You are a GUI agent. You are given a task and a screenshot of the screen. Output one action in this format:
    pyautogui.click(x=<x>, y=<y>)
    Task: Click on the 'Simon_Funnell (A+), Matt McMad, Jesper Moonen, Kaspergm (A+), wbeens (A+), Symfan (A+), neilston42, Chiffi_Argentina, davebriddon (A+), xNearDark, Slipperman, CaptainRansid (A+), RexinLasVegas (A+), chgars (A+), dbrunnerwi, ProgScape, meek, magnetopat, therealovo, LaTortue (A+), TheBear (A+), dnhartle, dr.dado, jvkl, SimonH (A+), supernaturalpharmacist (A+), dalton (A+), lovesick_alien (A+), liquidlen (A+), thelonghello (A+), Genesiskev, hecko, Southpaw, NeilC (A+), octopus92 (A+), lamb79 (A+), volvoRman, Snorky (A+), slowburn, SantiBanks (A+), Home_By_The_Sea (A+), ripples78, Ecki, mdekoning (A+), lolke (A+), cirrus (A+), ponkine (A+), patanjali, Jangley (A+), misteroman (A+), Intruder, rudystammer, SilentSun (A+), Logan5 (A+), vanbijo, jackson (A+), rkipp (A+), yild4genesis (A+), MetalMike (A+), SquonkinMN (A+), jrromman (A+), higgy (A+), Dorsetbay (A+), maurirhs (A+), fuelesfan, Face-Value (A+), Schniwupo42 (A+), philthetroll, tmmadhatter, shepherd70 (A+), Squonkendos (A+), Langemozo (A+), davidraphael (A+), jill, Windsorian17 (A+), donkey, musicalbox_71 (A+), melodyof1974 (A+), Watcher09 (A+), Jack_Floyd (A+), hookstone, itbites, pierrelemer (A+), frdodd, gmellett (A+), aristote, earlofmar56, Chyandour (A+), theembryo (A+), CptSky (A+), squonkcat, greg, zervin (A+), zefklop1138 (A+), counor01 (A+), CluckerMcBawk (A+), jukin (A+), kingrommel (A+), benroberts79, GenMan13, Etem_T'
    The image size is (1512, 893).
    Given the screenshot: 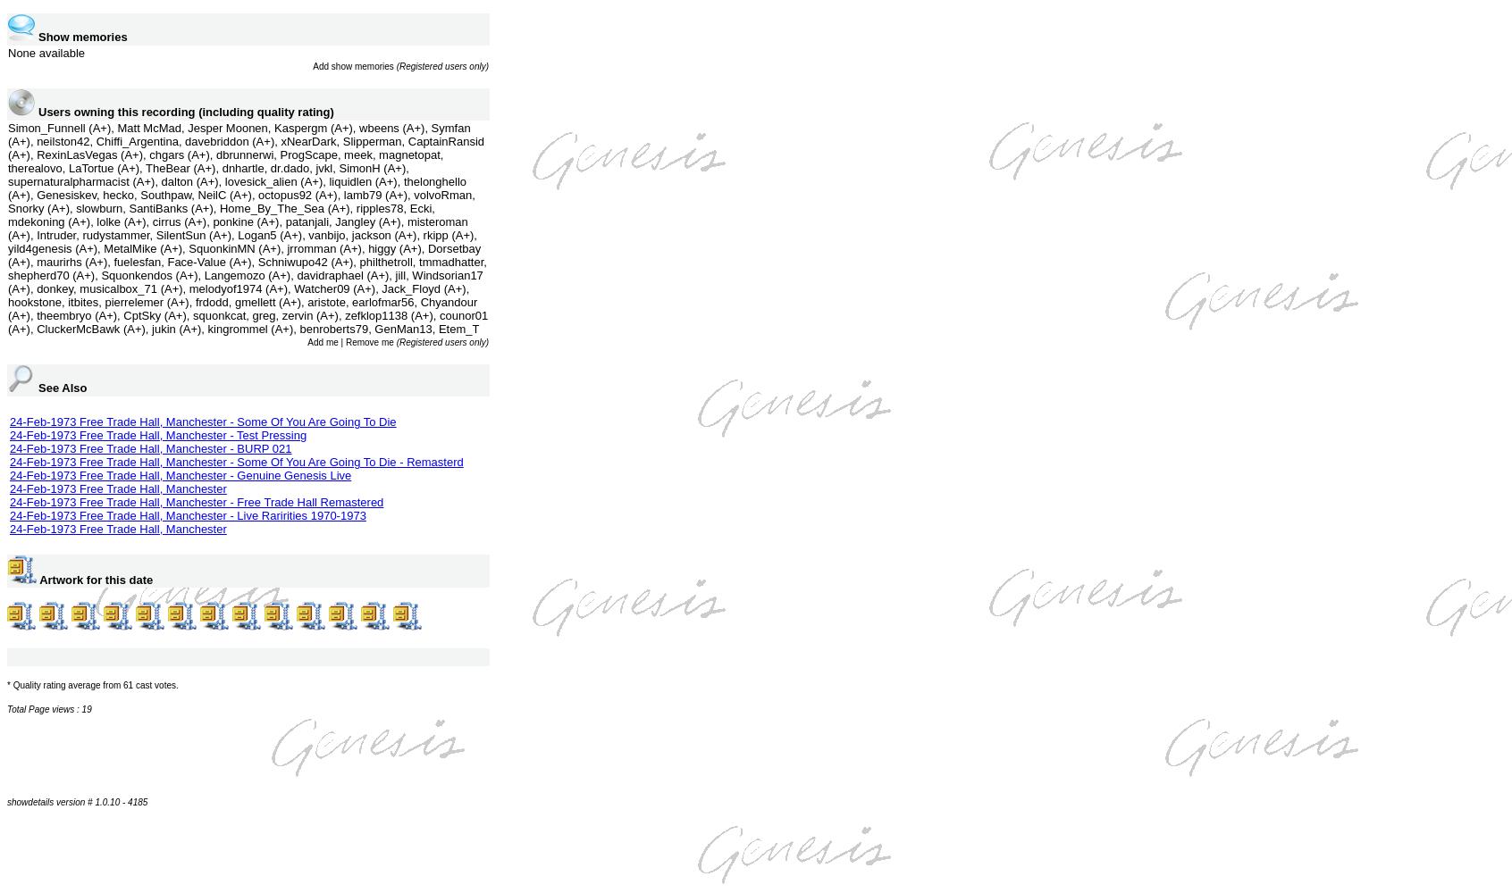 What is the action you would take?
    pyautogui.click(x=6, y=229)
    